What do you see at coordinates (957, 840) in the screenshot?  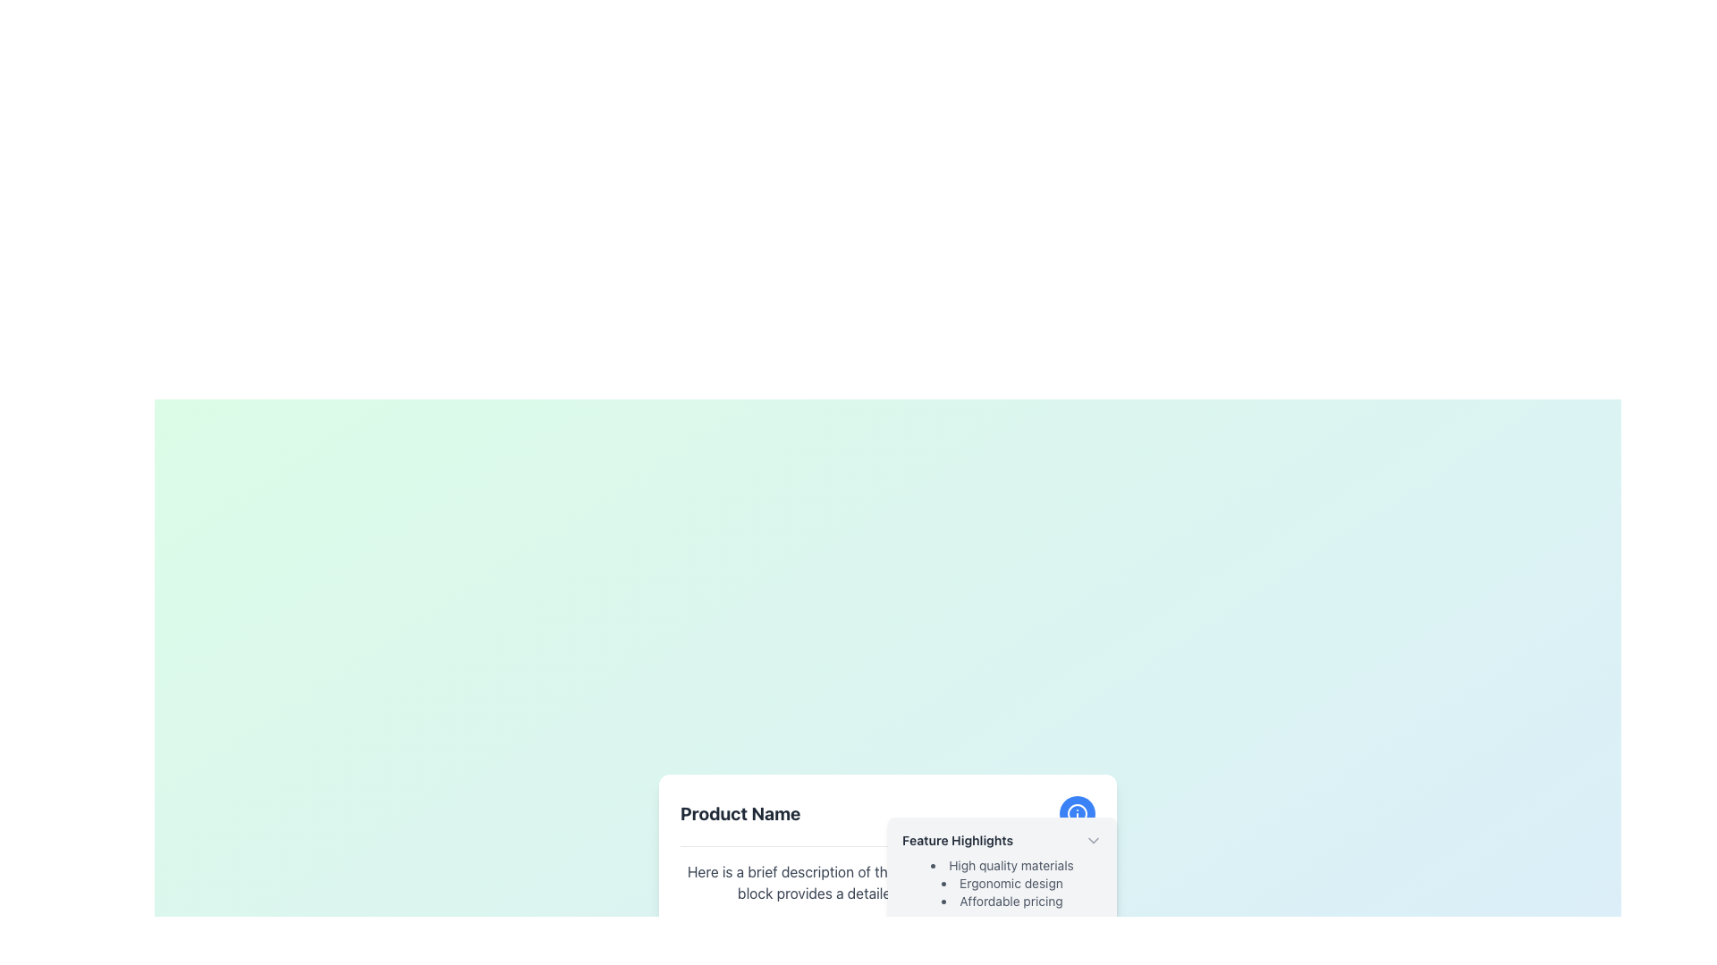 I see `the 'Feature Highlights' text label displayed in bold, dark gray font near the top-right of a light-gray box` at bounding box center [957, 840].